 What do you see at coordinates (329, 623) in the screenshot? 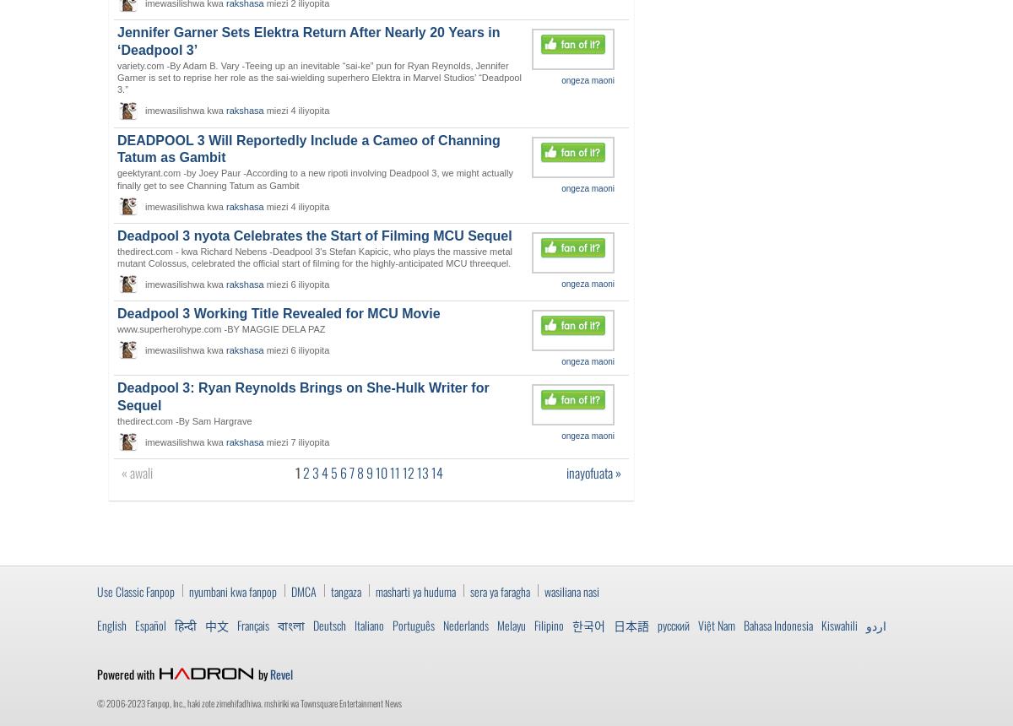
I see `'Deutsch'` at bounding box center [329, 623].